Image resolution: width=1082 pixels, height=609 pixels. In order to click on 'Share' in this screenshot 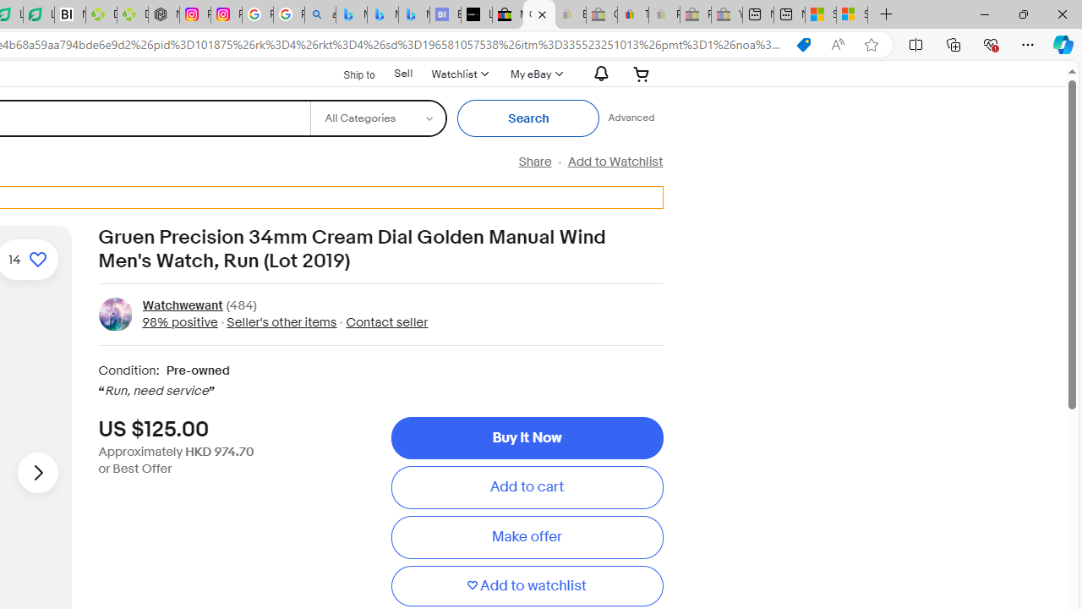, I will do `click(533, 162)`.